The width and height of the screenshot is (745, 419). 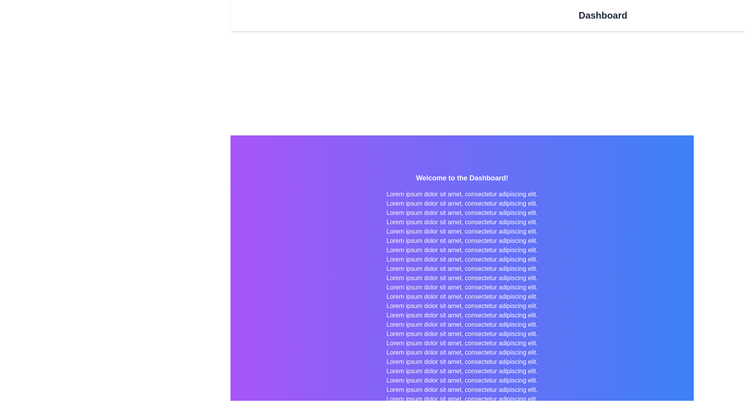 I want to click on the seventh paragraph text block under the header 'Welcome to the Dashboard!' that displays placeholder text, so click(x=462, y=241).